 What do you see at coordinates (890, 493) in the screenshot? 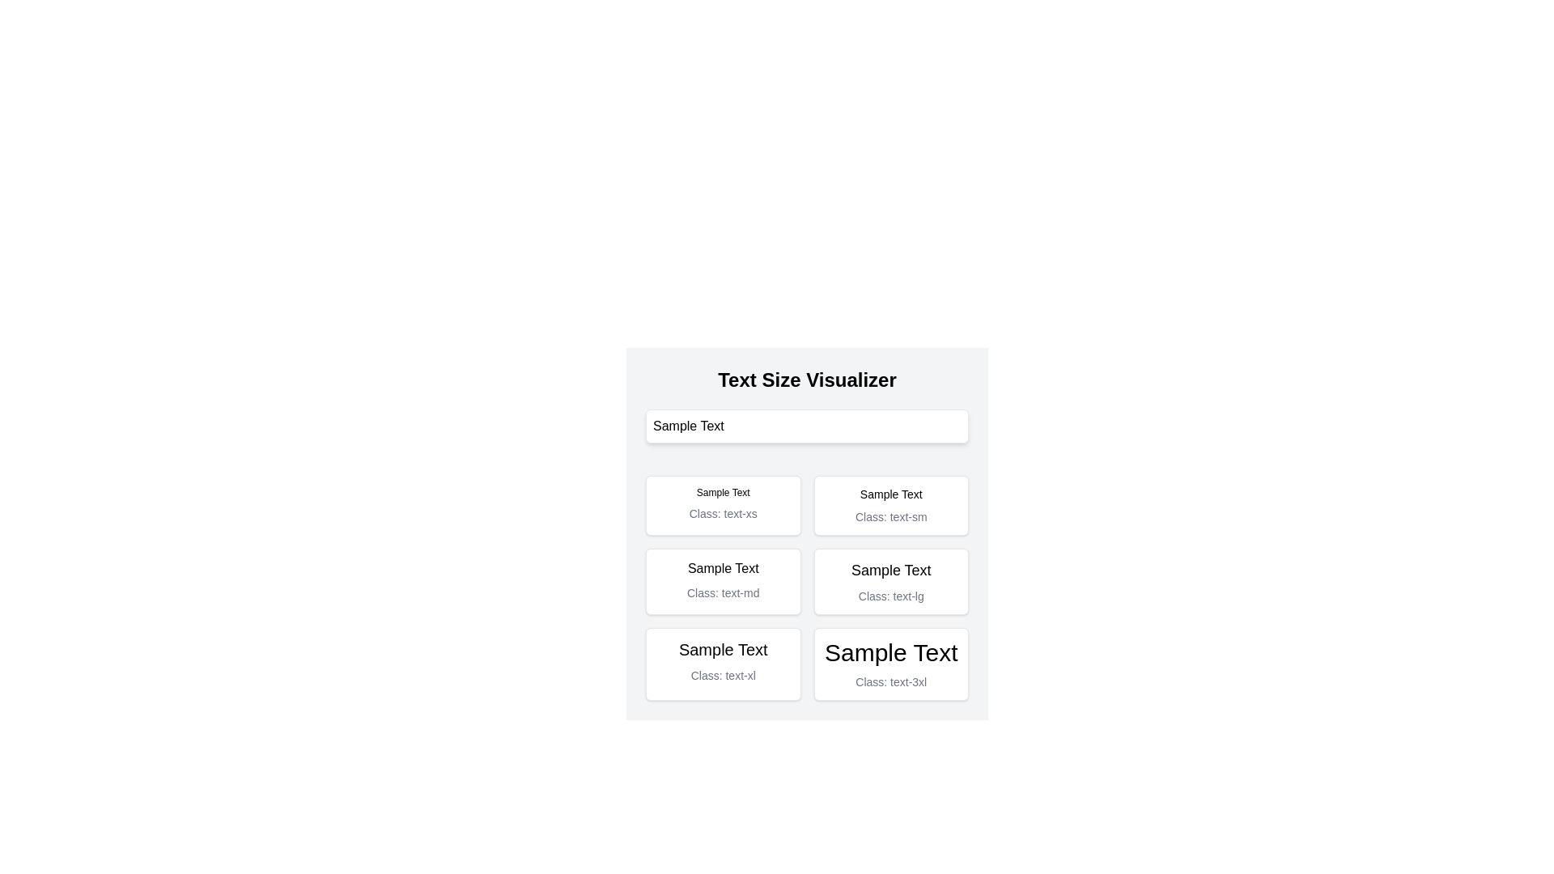
I see `the text element styled with a small font located in the first row of the second column, above the 'Class: text-sm' text` at bounding box center [890, 493].